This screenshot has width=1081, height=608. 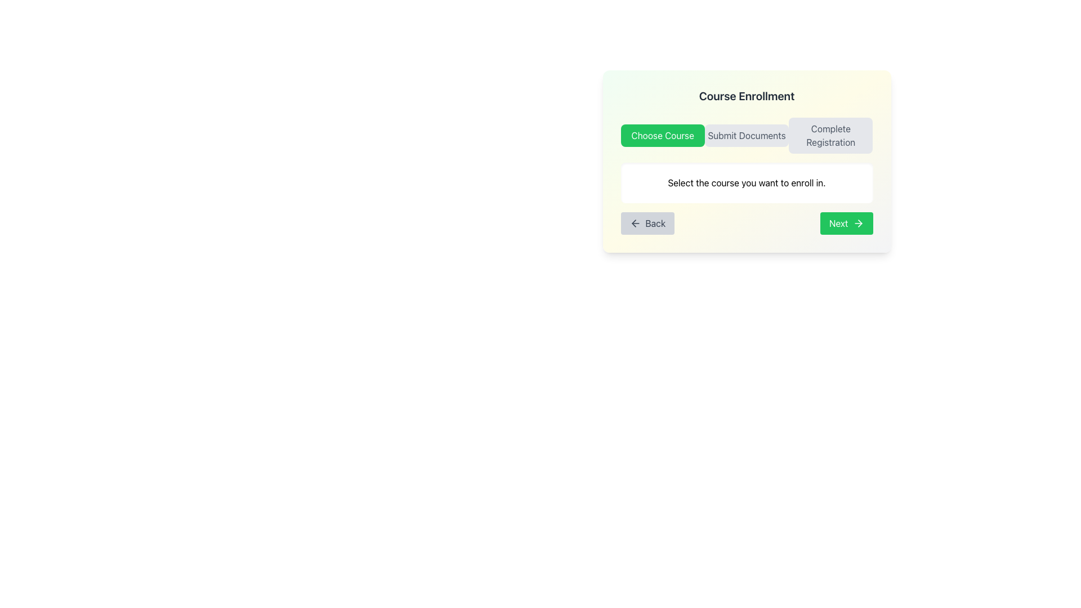 What do you see at coordinates (747, 182) in the screenshot?
I see `the instructional text block that guides the user to make a choice from the courses available for enrollment, located below the 'Choose Course,' 'Submit Documents,' and 'Complete Registration' buttons` at bounding box center [747, 182].